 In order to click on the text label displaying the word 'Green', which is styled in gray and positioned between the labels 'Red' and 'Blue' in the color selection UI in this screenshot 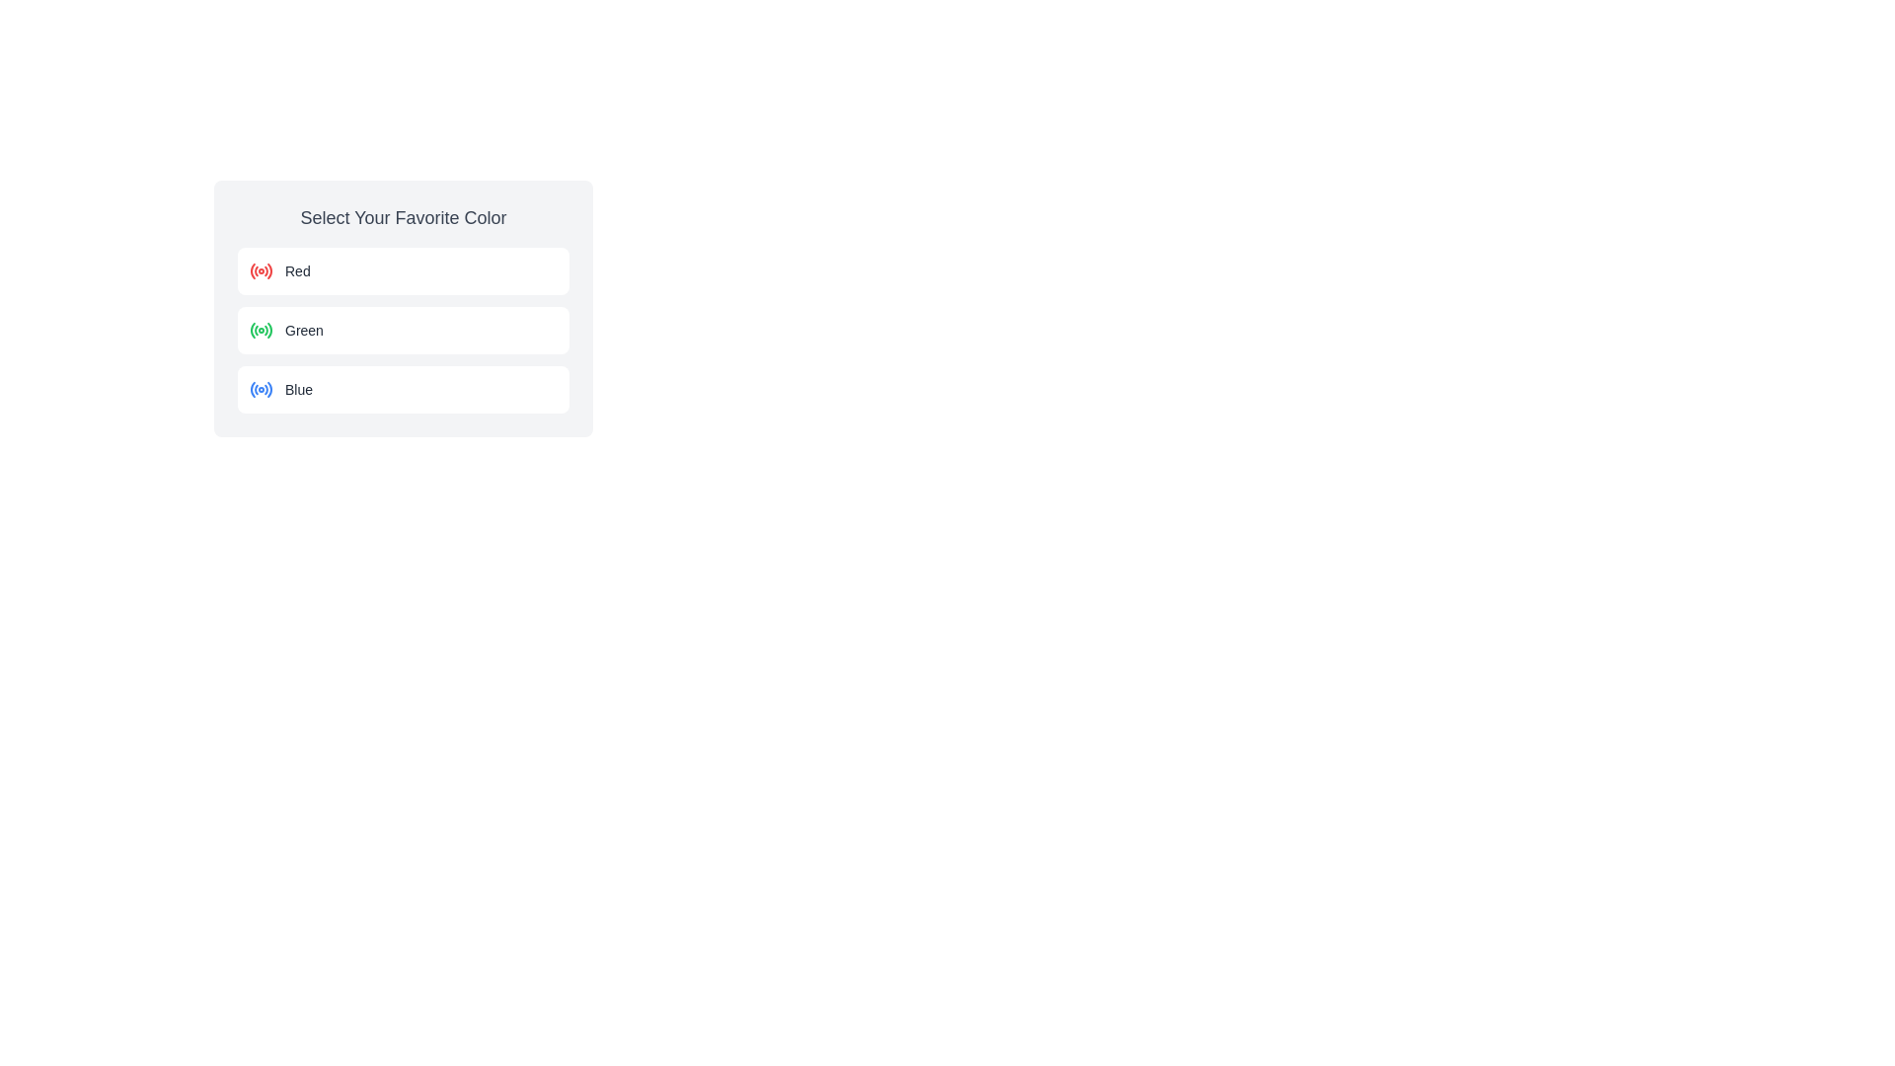, I will do `click(303, 330)`.